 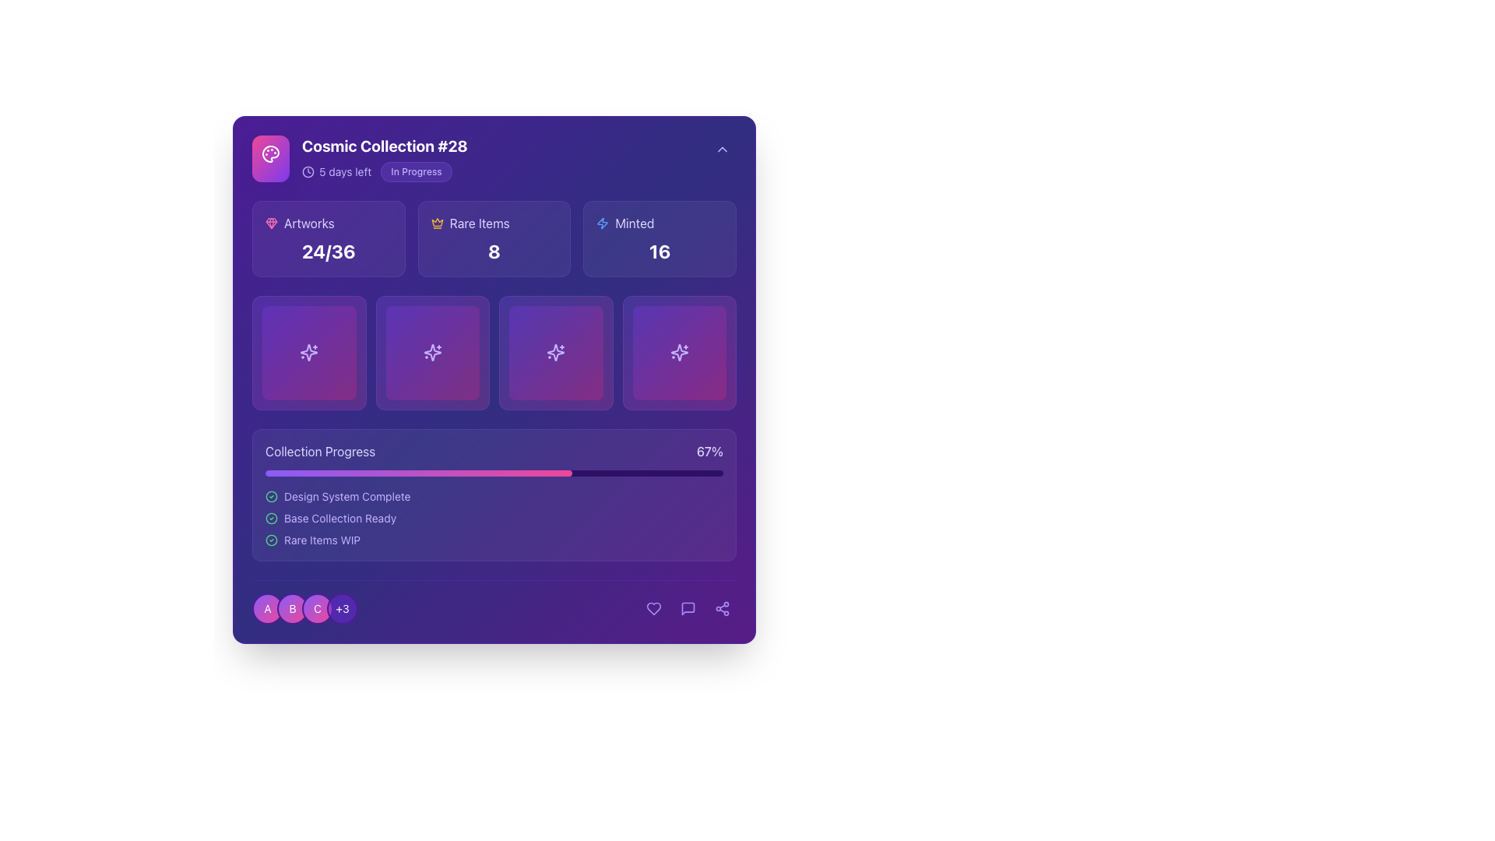 I want to click on the filled portion of the progress bar, which is a horizontally elongated bar with a gradient from violet to pink, positioned centrally within the 'Collection Progress' card interface to view the current progress state, so click(x=418, y=472).